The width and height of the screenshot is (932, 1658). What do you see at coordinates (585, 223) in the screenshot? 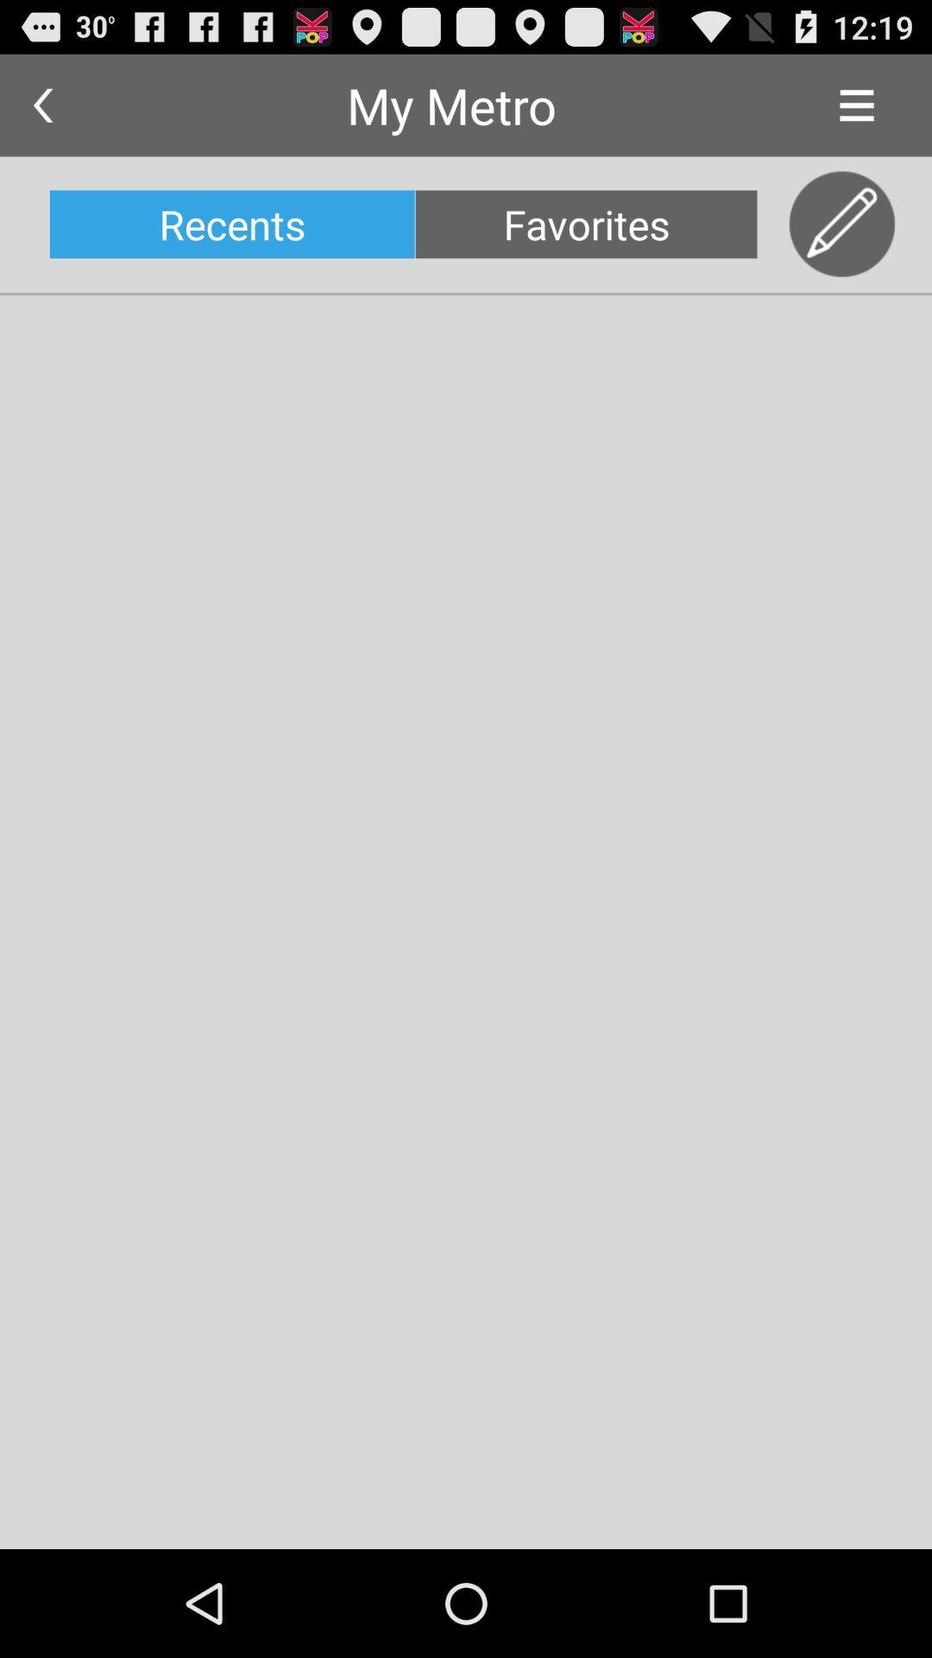
I see `the favorites icon` at bounding box center [585, 223].